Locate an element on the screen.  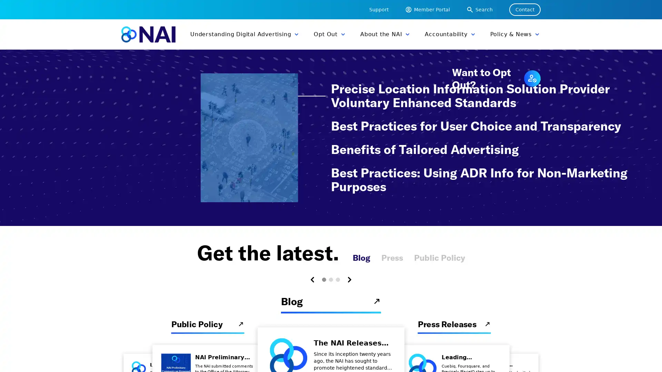
Carousel Page 3 is located at coordinates (338, 280).